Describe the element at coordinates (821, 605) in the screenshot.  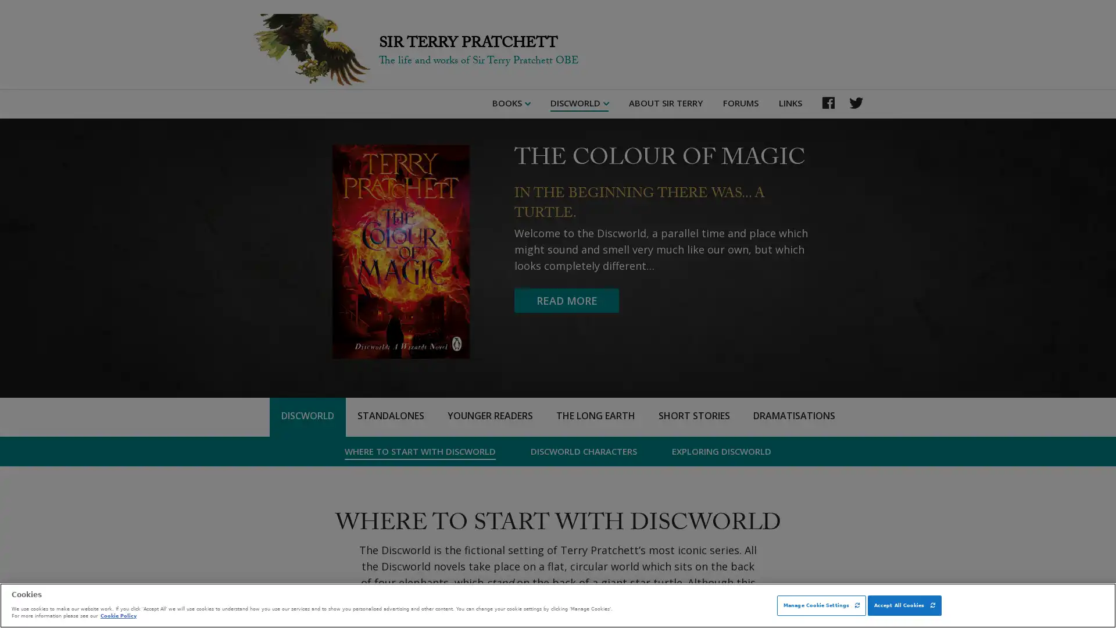
I see `Manage Cookie Settings` at that location.